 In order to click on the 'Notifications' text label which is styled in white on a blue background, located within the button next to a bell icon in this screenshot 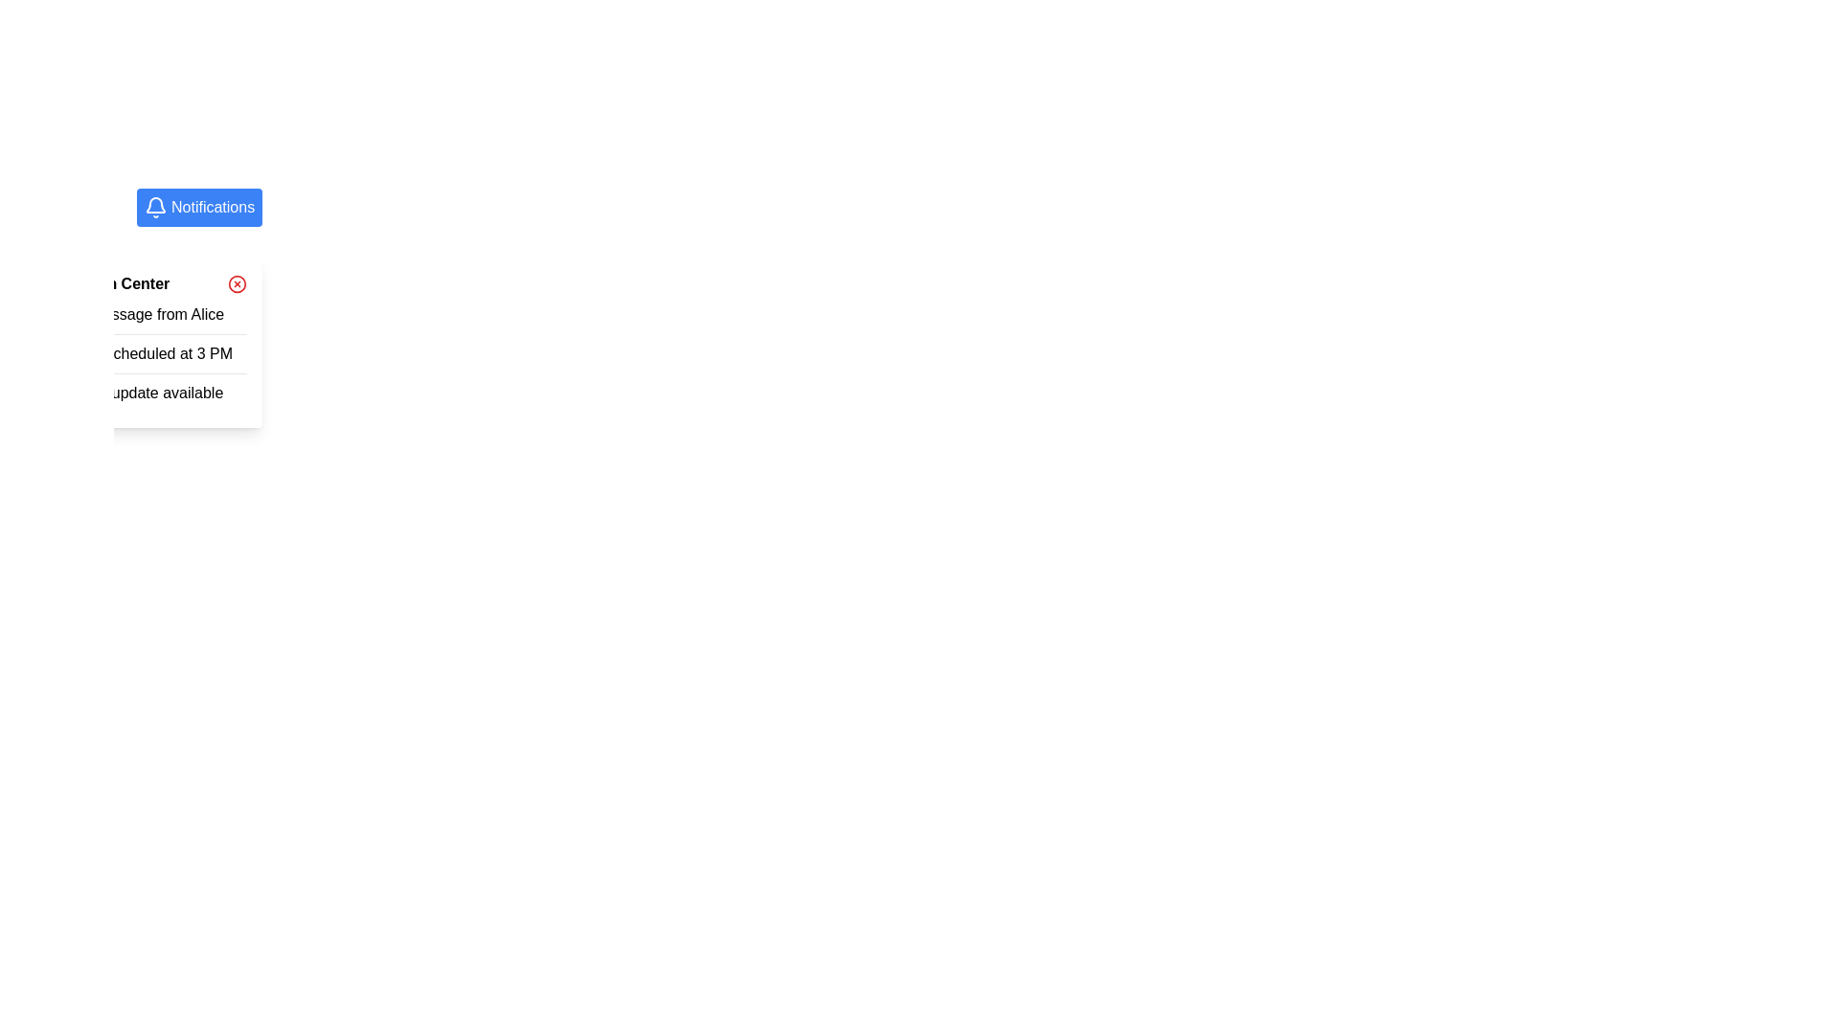, I will do `click(213, 207)`.